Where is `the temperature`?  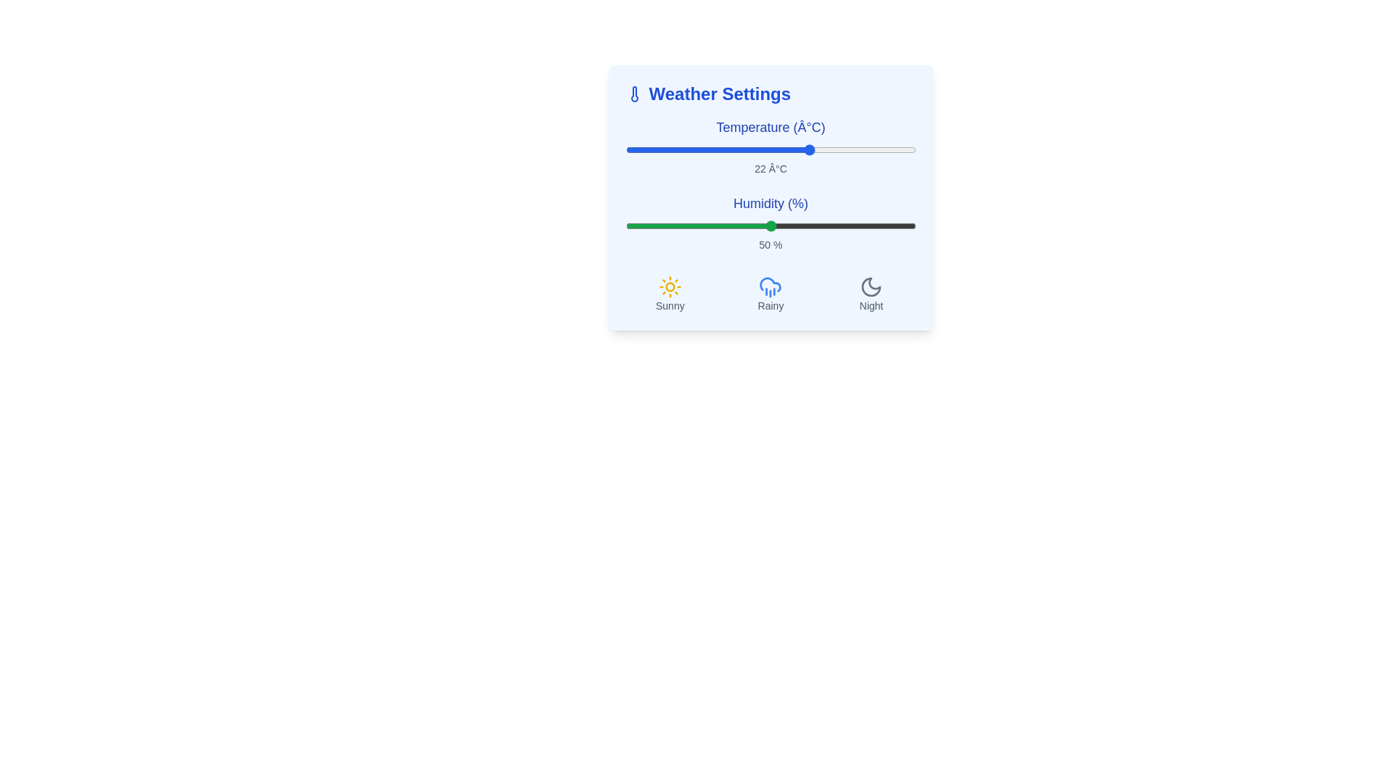
the temperature is located at coordinates (903, 150).